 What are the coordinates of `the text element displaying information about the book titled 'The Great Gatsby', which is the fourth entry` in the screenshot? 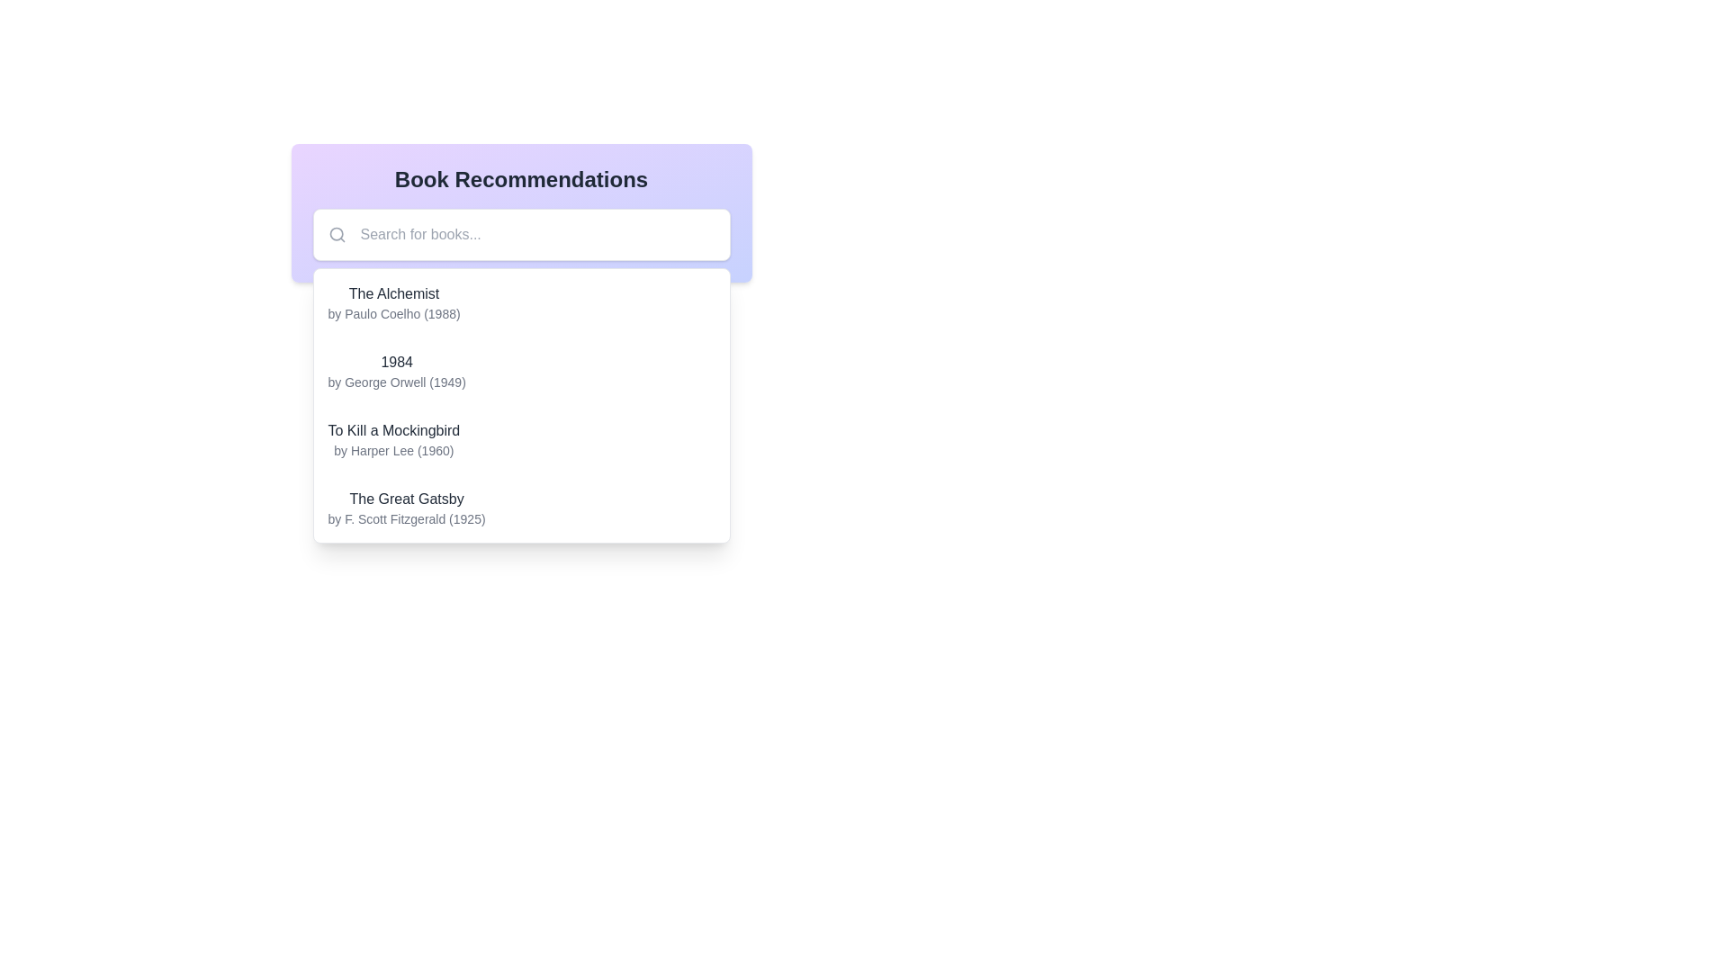 It's located at (405, 508).